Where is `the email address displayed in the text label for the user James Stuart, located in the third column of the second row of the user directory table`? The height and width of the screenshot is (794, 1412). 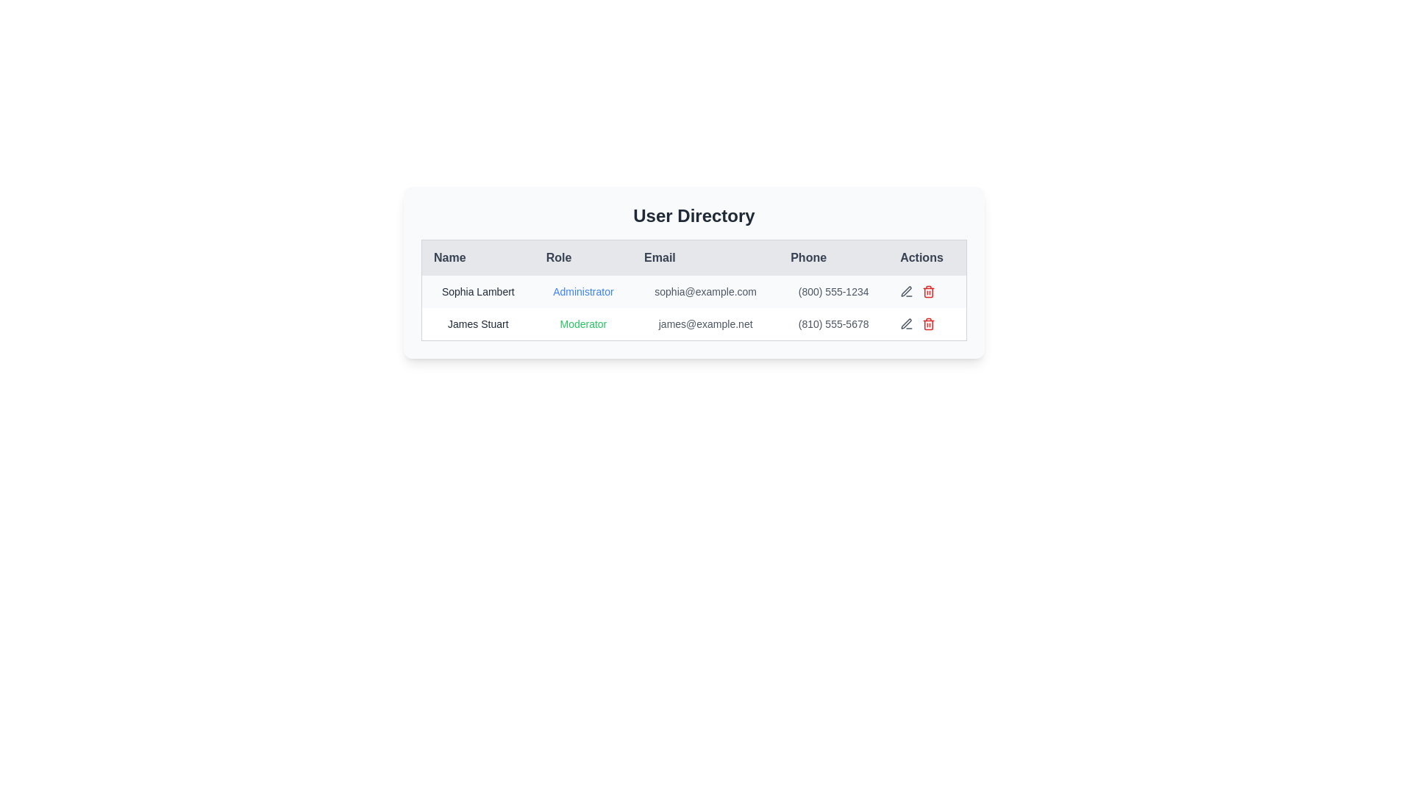
the email address displayed in the text label for the user James Stuart, located in the third column of the second row of the user directory table is located at coordinates (705, 323).